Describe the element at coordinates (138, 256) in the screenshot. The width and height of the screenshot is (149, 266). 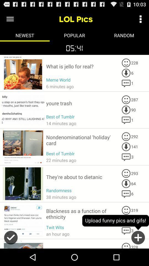
I see `the add icon` at that location.